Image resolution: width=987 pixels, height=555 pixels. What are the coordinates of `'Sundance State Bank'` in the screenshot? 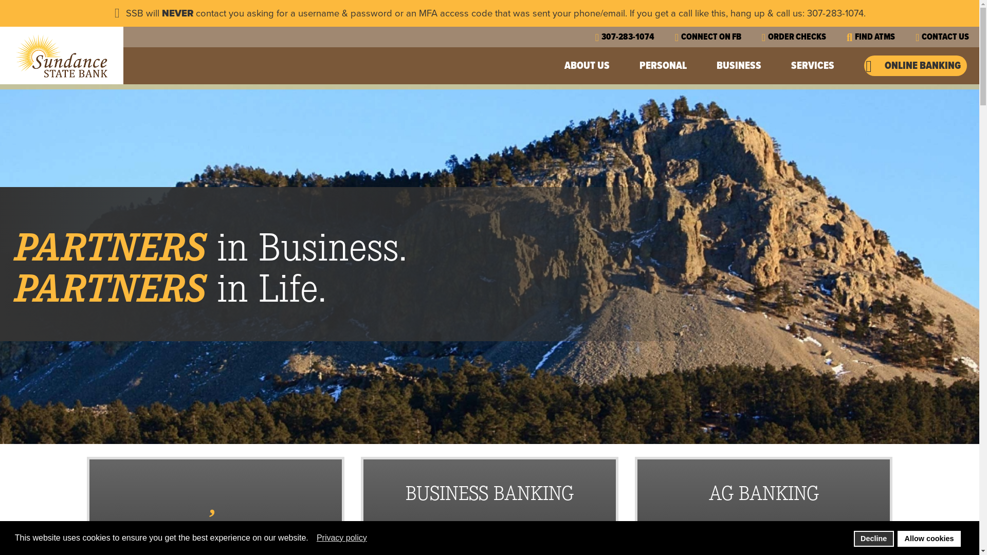 It's located at (61, 55).